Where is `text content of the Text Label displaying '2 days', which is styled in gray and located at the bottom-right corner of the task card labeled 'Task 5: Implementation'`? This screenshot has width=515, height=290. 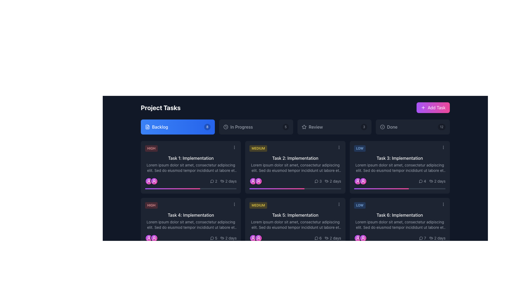
text content of the Text Label displaying '2 days', which is styled in gray and located at the bottom-right corner of the task card labeled 'Task 5: Implementation' is located at coordinates (335, 238).